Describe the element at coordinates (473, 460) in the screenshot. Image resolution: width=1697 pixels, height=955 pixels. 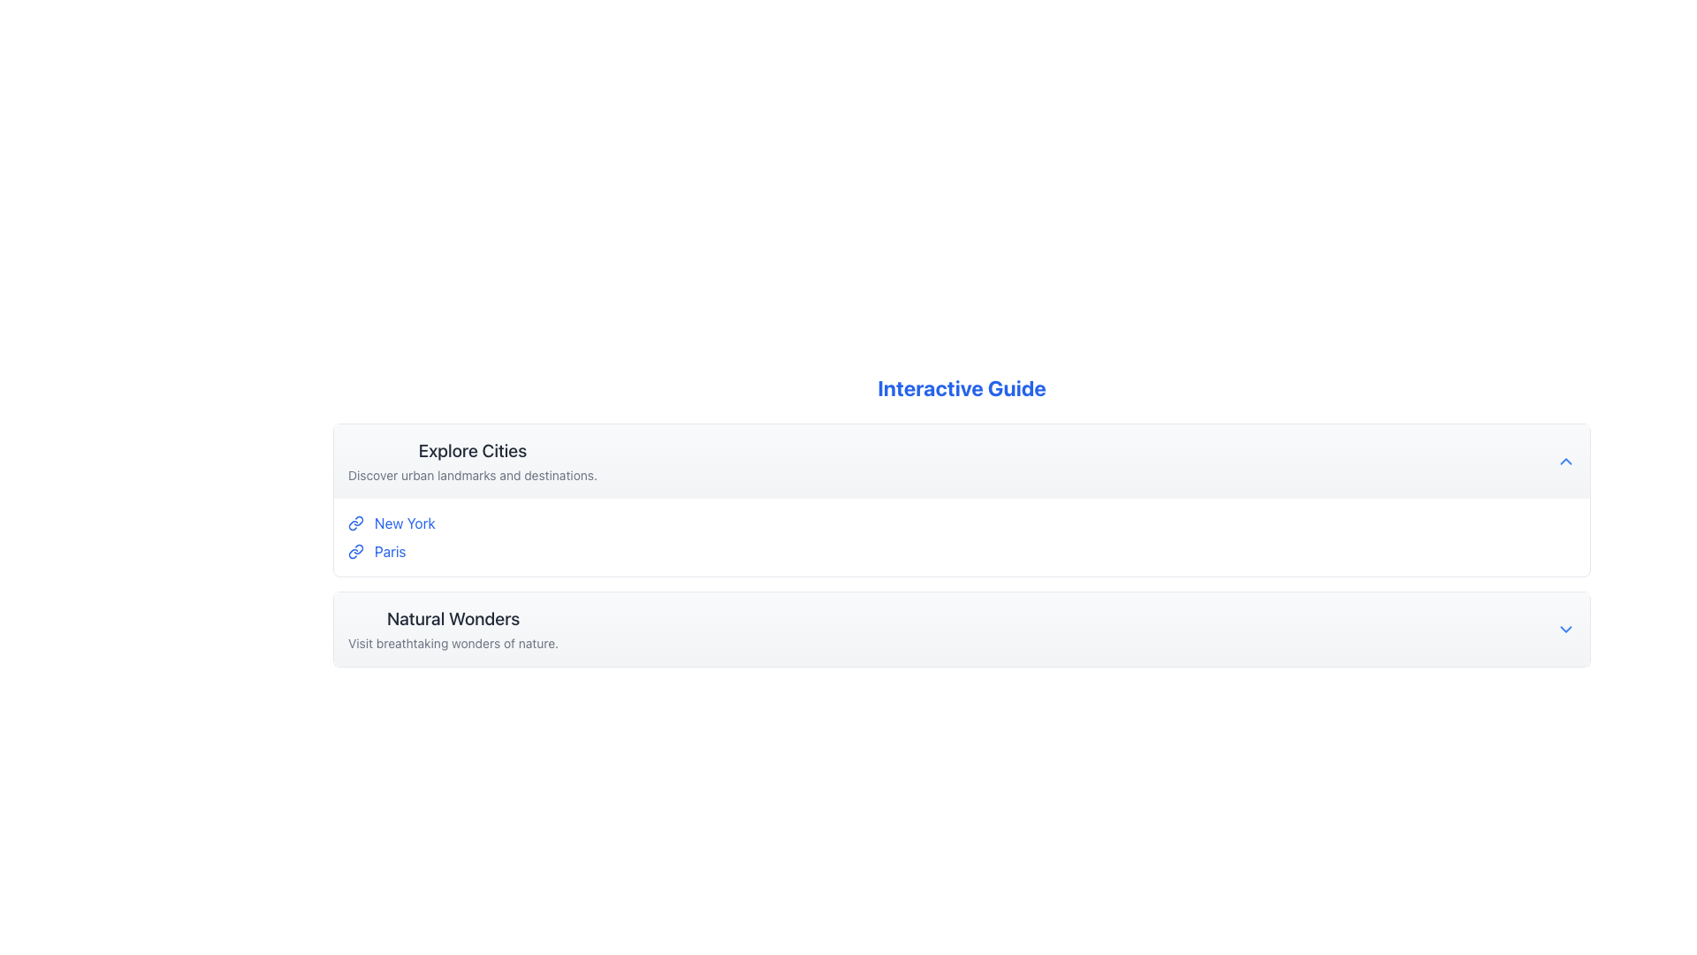
I see `text content block titled 'Explore Cities' which contains the main heading in bold and the subtitle below it` at that location.